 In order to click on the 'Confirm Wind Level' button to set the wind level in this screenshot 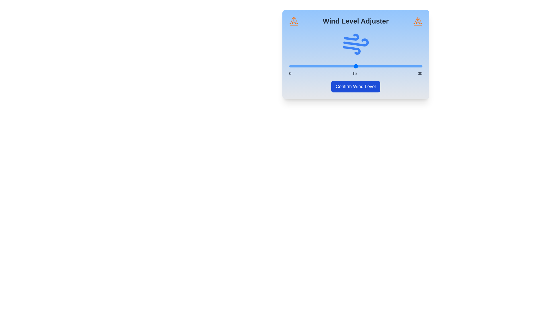, I will do `click(355, 86)`.